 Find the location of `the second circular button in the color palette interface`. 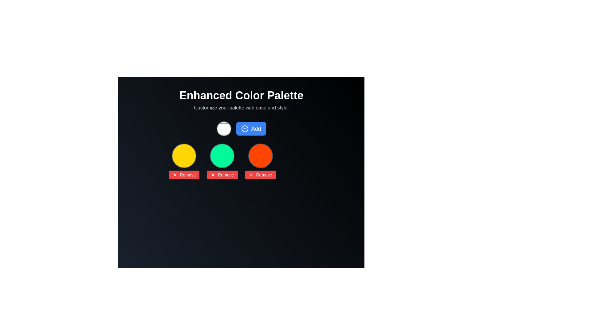

the second circular button in the color palette interface is located at coordinates (222, 155).